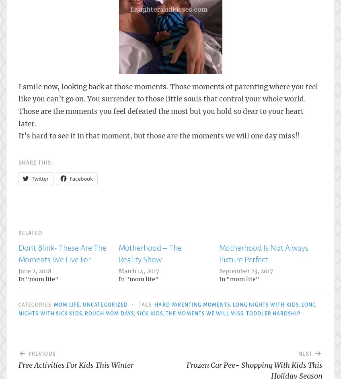 The image size is (341, 379). What do you see at coordinates (18, 105) in the screenshot?
I see `'I smile now, looking back at those moments. Those moments of parenting where you feel like you can’t go on. You surrender to those little souls that control your whole world. Those are the moments you feel defeated the most but you hold so dear to your heart later.'` at bounding box center [18, 105].